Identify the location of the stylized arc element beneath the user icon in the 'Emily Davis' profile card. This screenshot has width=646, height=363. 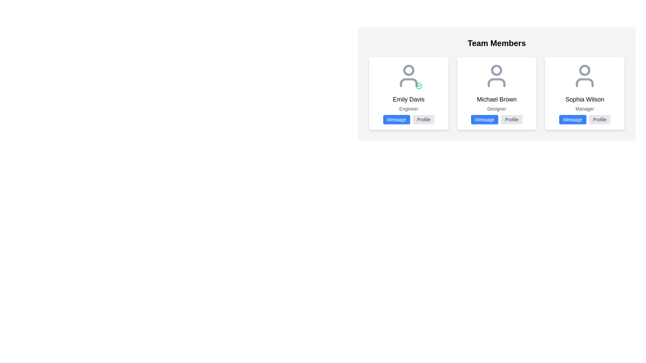
(408, 82).